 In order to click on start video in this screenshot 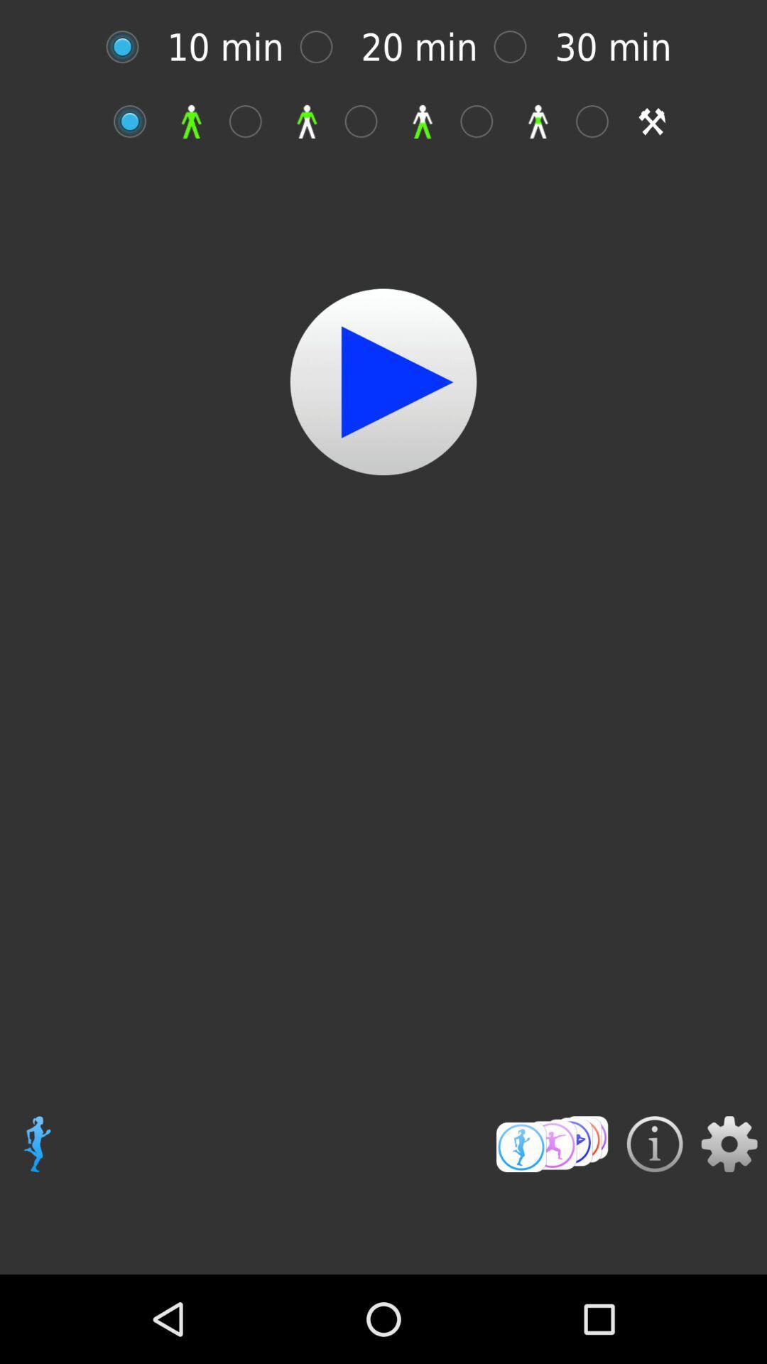, I will do `click(137, 121)`.